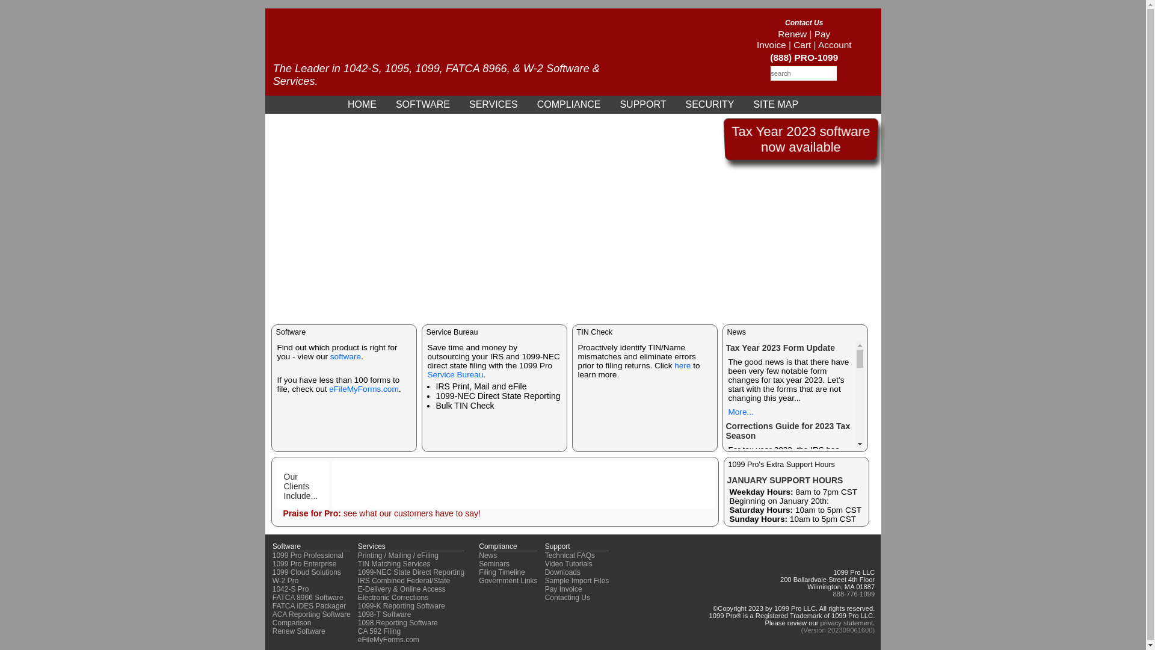 Image resolution: width=1155 pixels, height=650 pixels. Describe the element at coordinates (422, 104) in the screenshot. I see `'SOFTWARE'` at that location.